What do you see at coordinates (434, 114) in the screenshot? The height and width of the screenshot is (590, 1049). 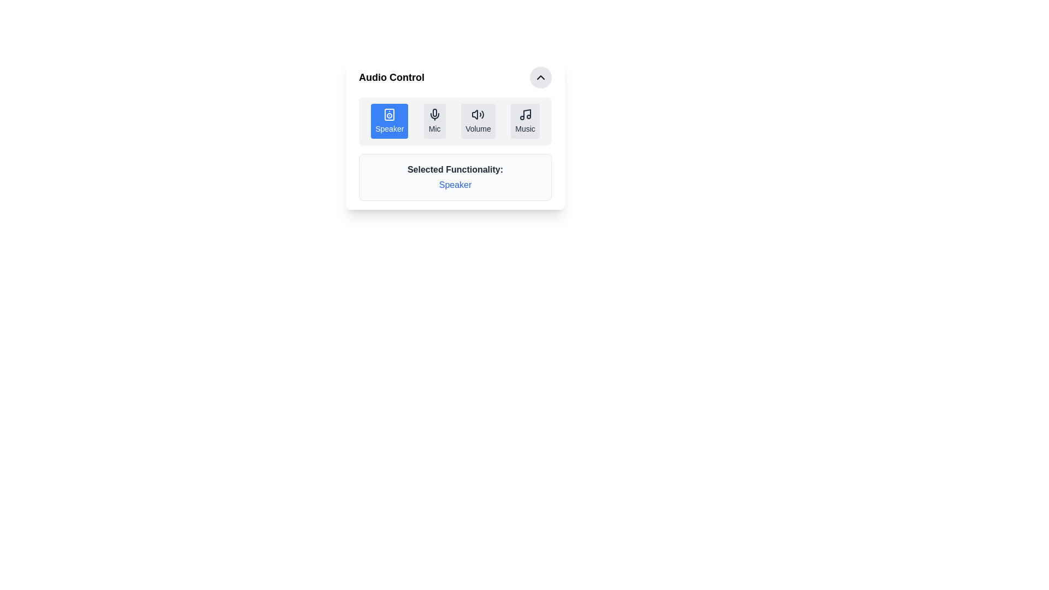 I see `the microphone icon located between the 'Speaker' and 'Volume' buttons under the 'Audio Control' heading` at bounding box center [434, 114].